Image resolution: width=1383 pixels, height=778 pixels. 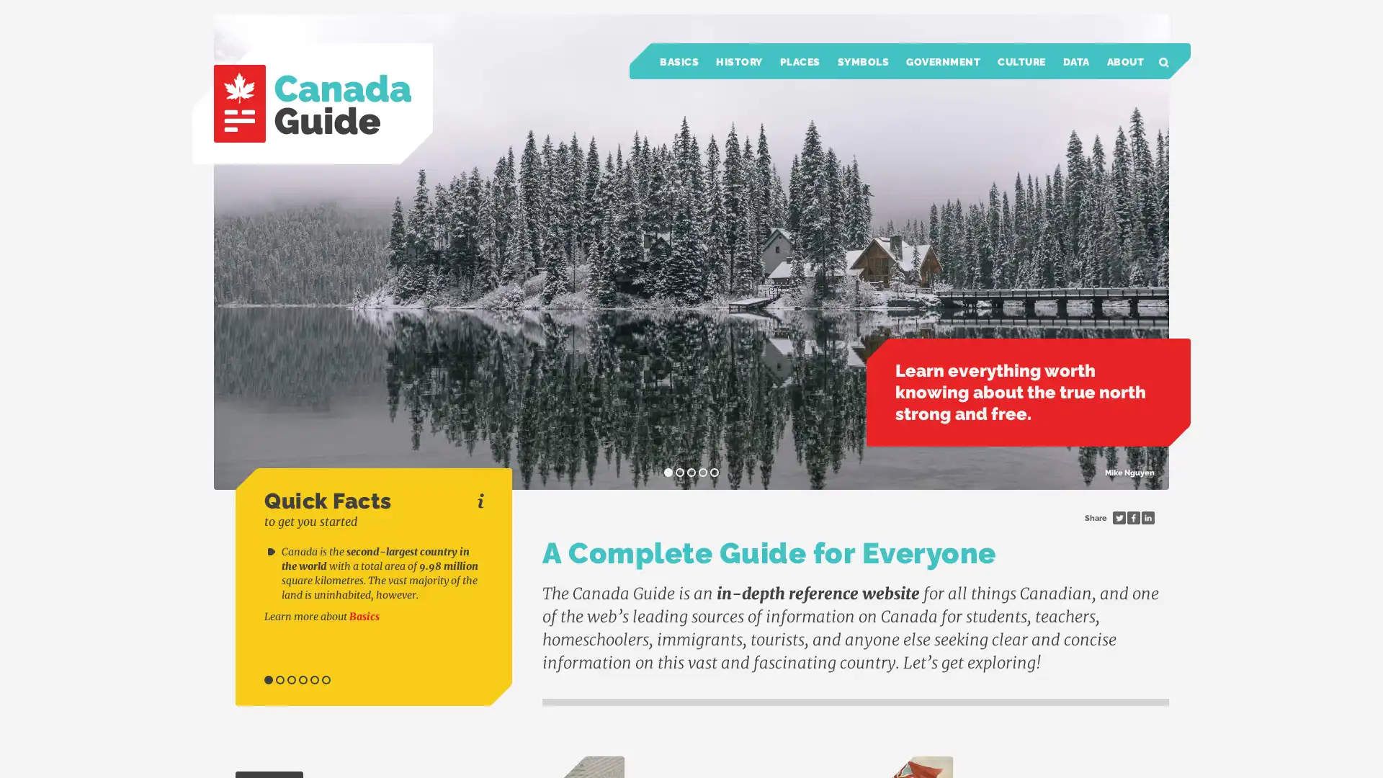 What do you see at coordinates (679, 472) in the screenshot?
I see `Go to slide 2` at bounding box center [679, 472].